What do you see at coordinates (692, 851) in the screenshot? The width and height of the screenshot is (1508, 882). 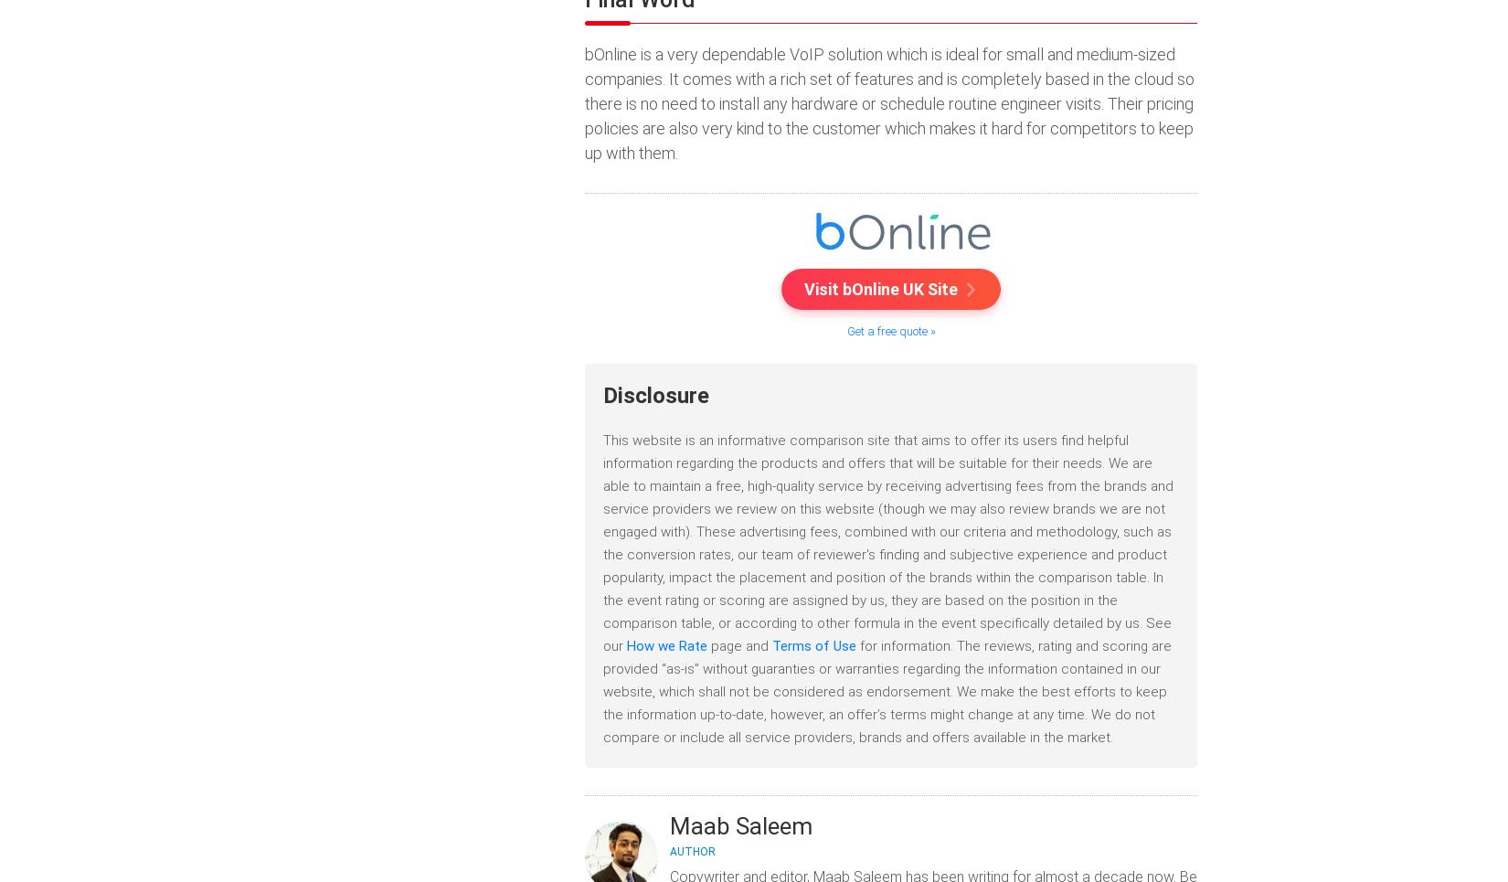 I see `'author'` at bounding box center [692, 851].